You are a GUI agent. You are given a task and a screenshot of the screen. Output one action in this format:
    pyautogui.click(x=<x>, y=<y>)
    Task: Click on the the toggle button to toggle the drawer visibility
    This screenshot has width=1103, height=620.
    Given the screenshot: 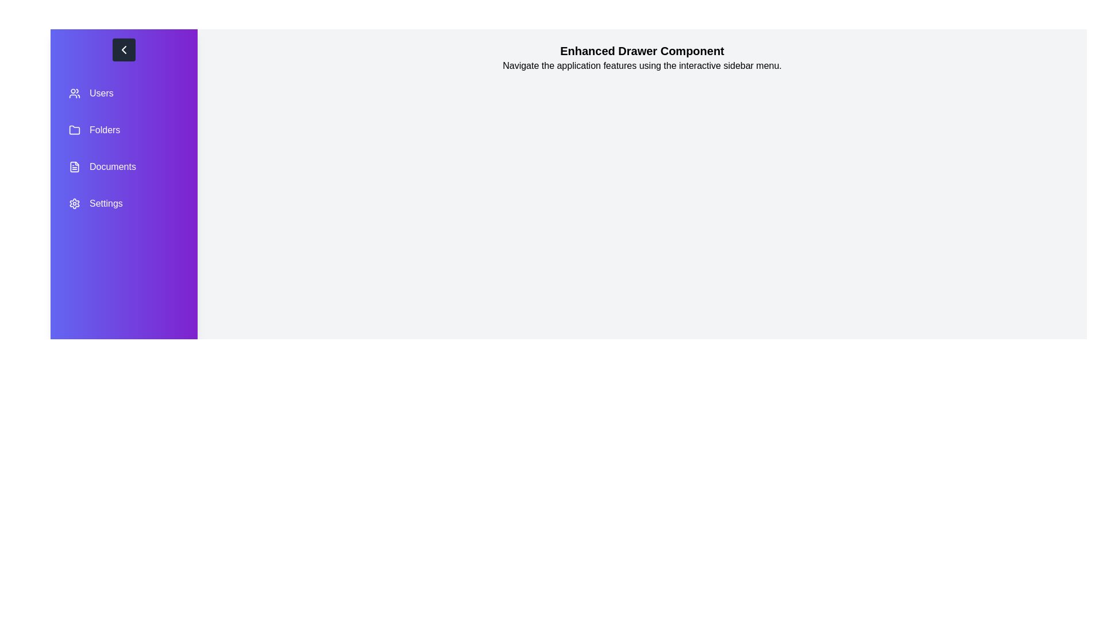 What is the action you would take?
    pyautogui.click(x=124, y=49)
    